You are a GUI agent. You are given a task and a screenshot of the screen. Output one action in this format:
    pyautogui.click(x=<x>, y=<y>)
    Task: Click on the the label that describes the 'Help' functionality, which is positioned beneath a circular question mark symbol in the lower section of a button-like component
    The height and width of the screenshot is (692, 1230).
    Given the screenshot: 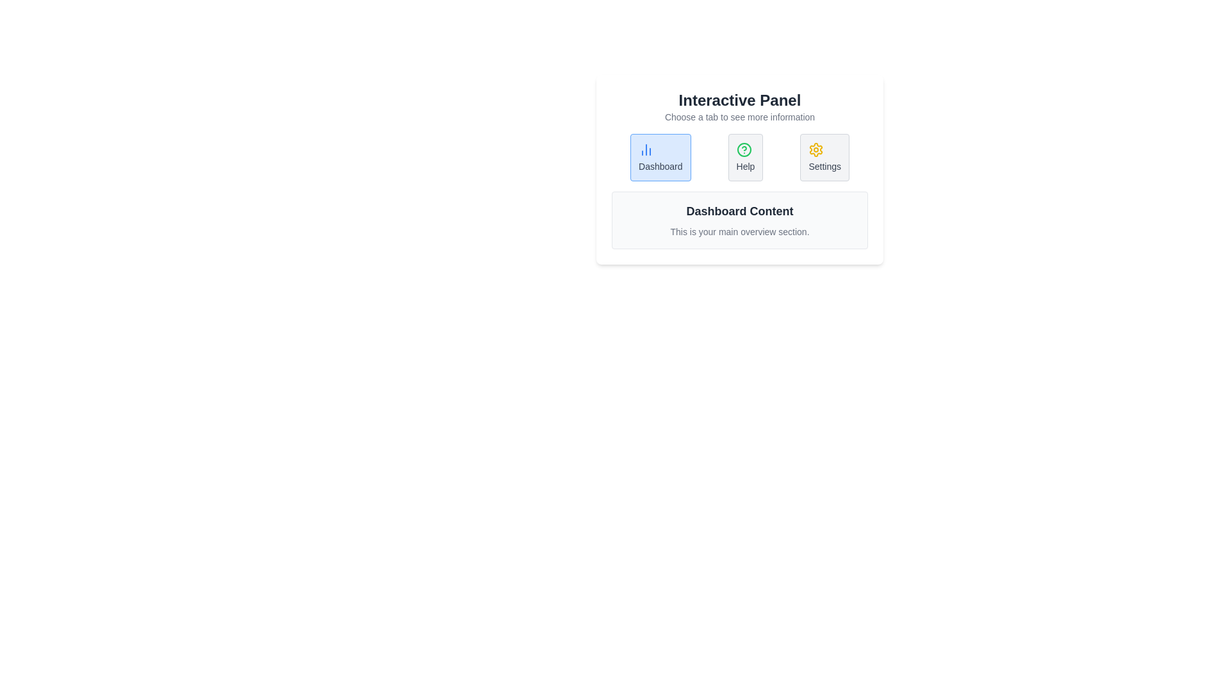 What is the action you would take?
    pyautogui.click(x=745, y=165)
    